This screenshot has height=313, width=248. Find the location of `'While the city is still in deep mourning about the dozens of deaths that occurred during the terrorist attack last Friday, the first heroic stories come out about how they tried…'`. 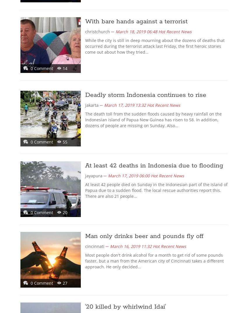

'While the city is still in deep mourning about the dozens of deaths that occurred during the terrorist attack last Friday, the first heroic stories come out about how they tried…' is located at coordinates (154, 46).